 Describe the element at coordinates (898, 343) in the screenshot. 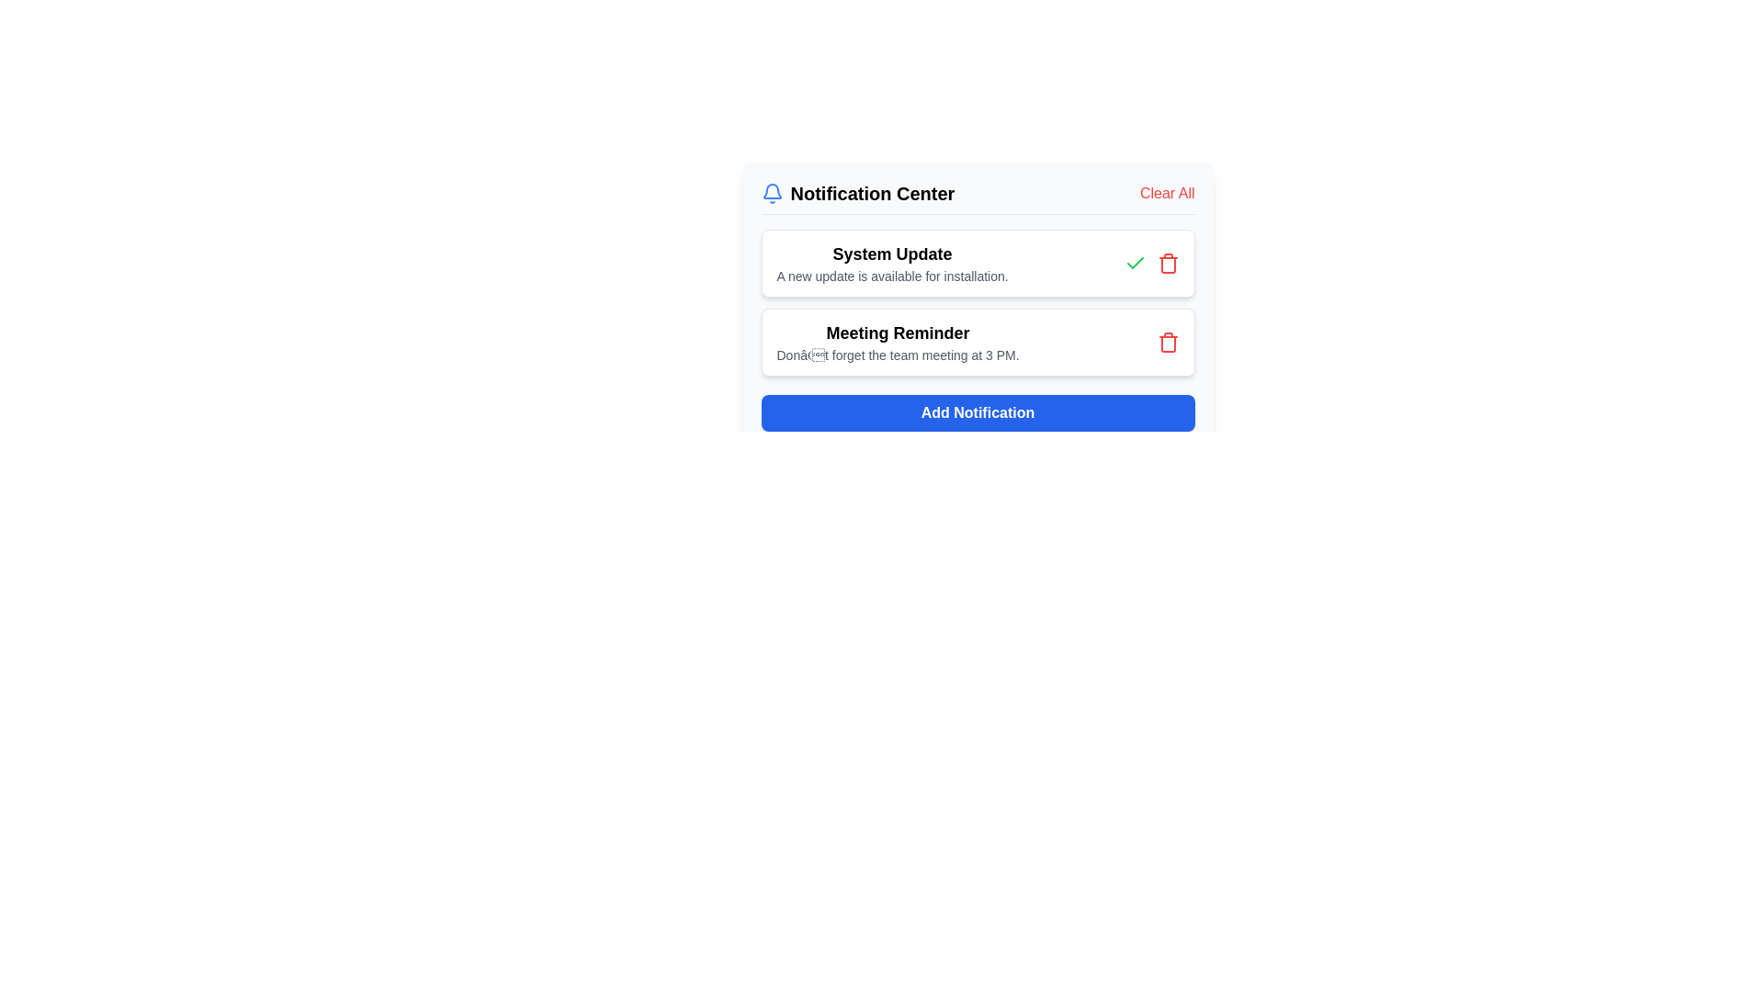

I see `the Text block displaying 'Meeting Reminder' and 'Don’t forget the team meeting at 3 PM' within the notification card` at that location.